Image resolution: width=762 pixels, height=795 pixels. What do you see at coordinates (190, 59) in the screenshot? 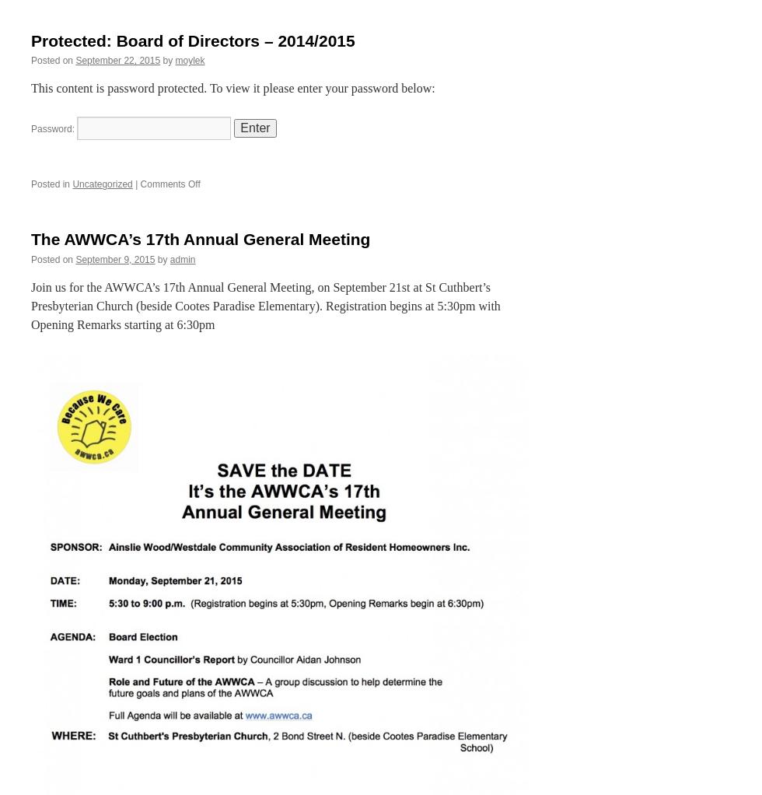
I see `'moylek'` at bounding box center [190, 59].